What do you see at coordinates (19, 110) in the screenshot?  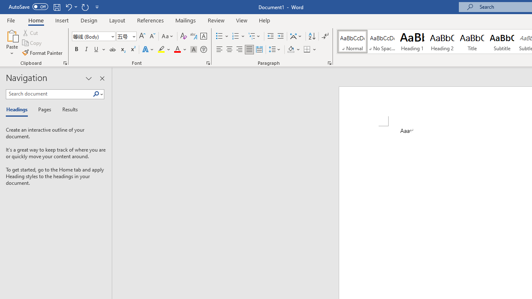 I see `'Headings'` at bounding box center [19, 110].